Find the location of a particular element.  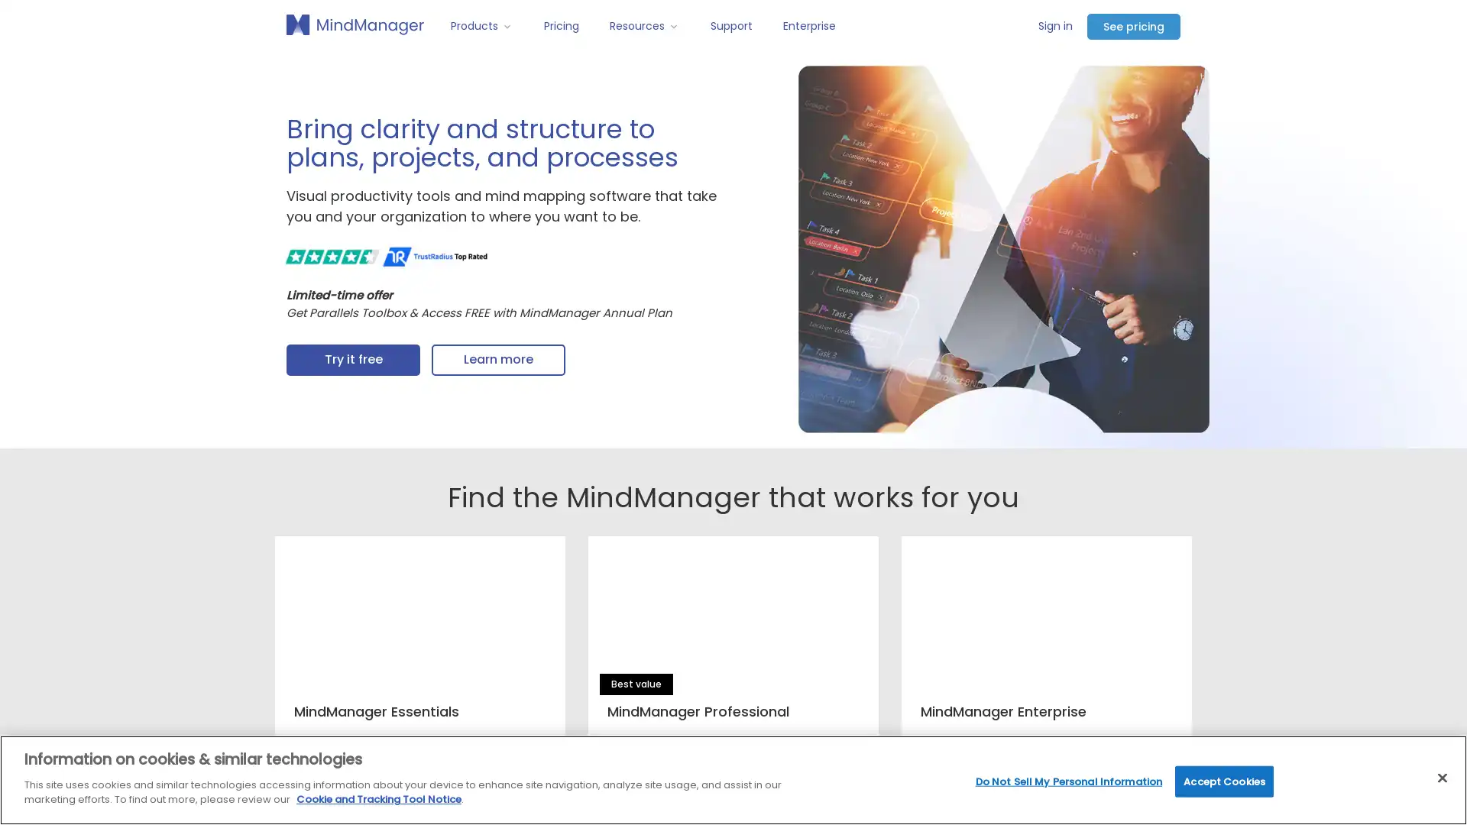

Try it free is located at coordinates (352, 360).